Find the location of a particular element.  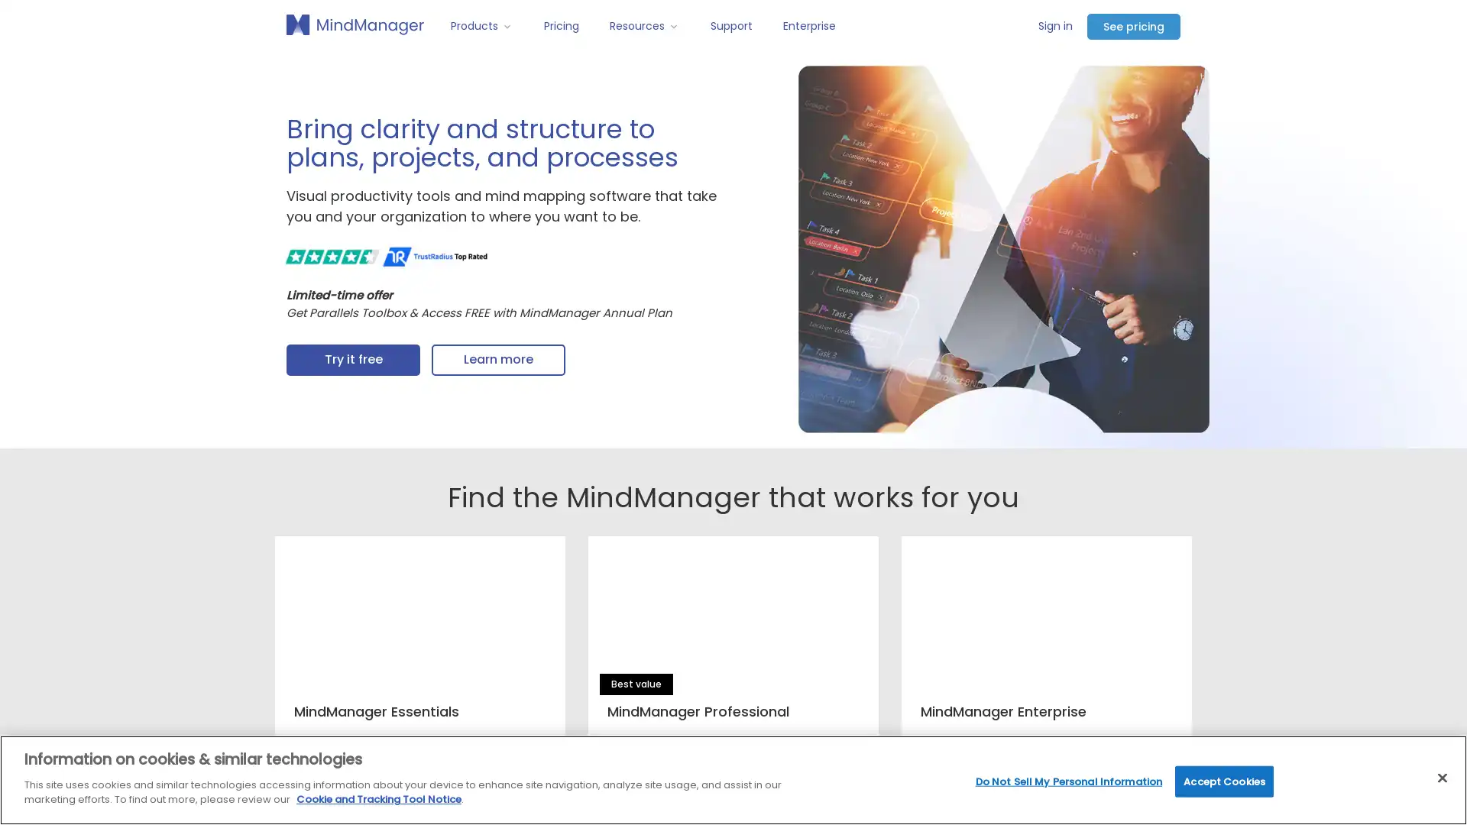

Try it free is located at coordinates (352, 360).